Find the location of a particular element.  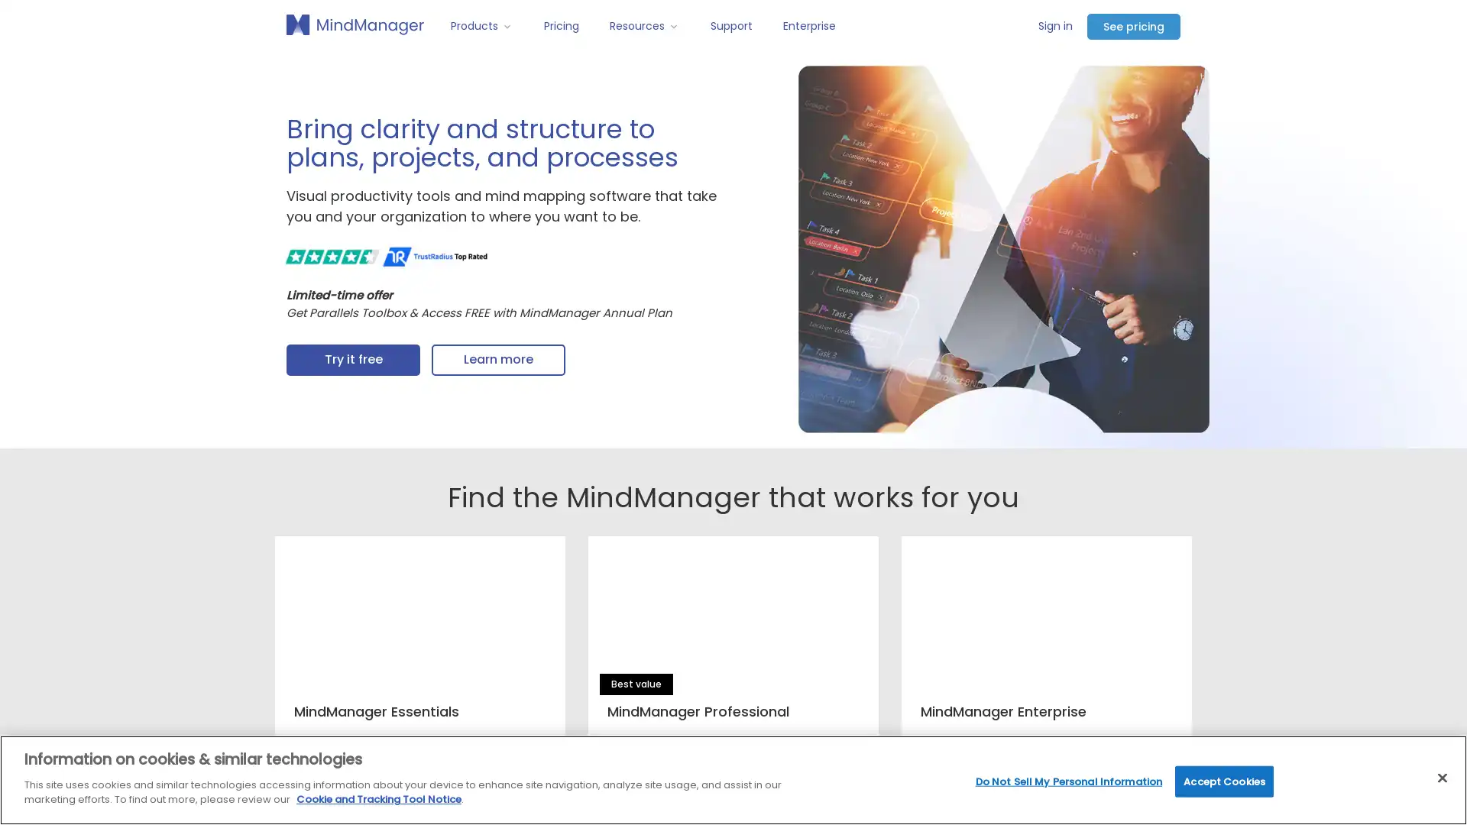

Try it free is located at coordinates (352, 360).